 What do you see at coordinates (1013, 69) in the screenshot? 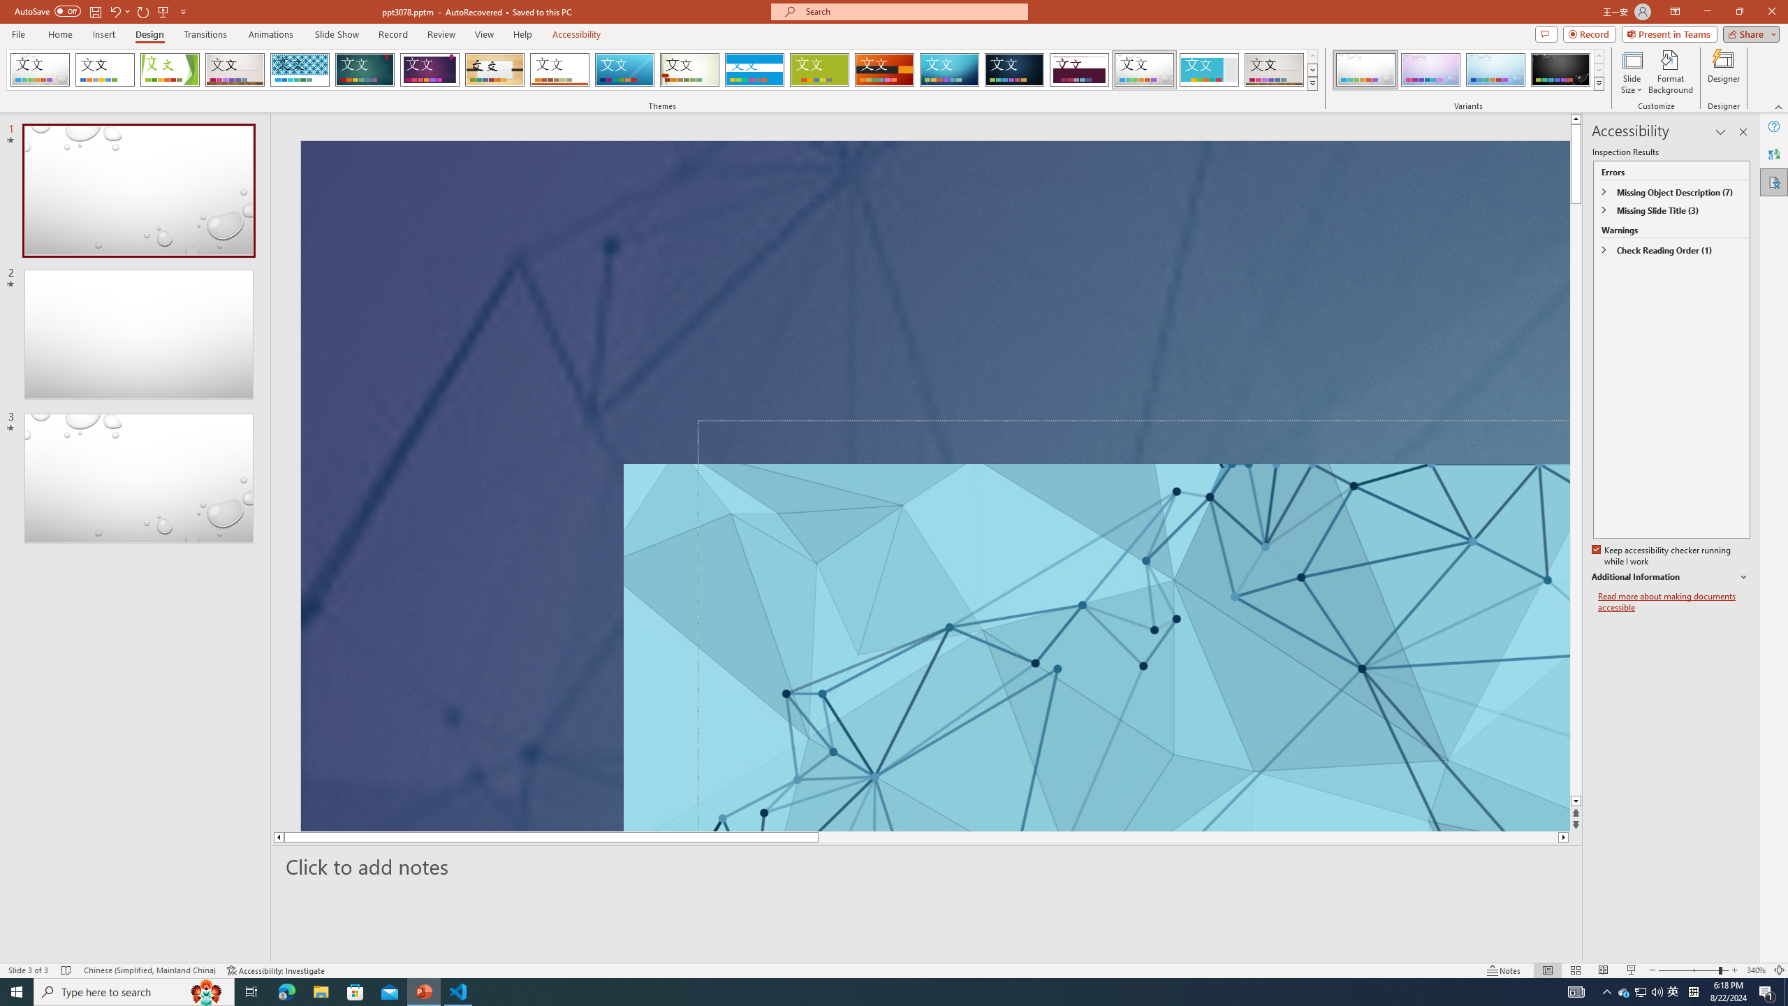
I see `'Damask'` at bounding box center [1013, 69].